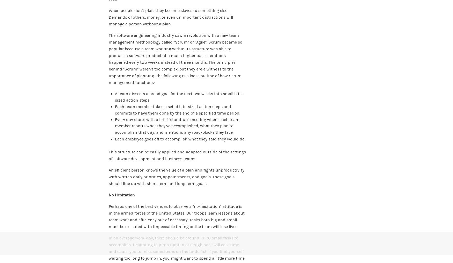  Describe the element at coordinates (122, 195) in the screenshot. I see `'No Hesitation'` at that location.